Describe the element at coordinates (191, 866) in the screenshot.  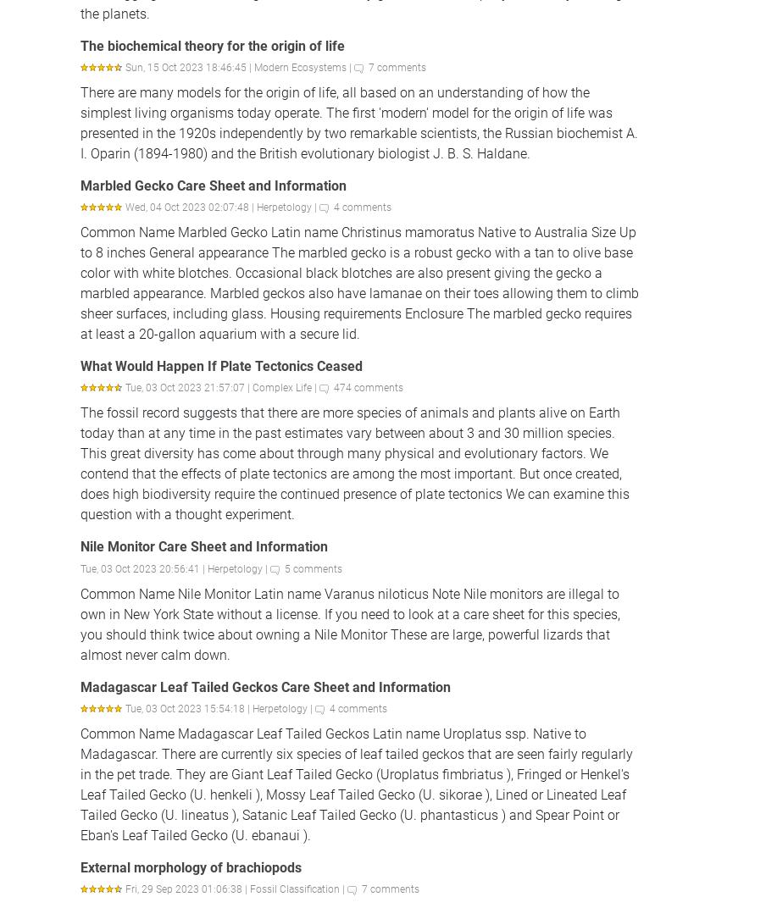
I see `'External morphology of brachiopods'` at that location.